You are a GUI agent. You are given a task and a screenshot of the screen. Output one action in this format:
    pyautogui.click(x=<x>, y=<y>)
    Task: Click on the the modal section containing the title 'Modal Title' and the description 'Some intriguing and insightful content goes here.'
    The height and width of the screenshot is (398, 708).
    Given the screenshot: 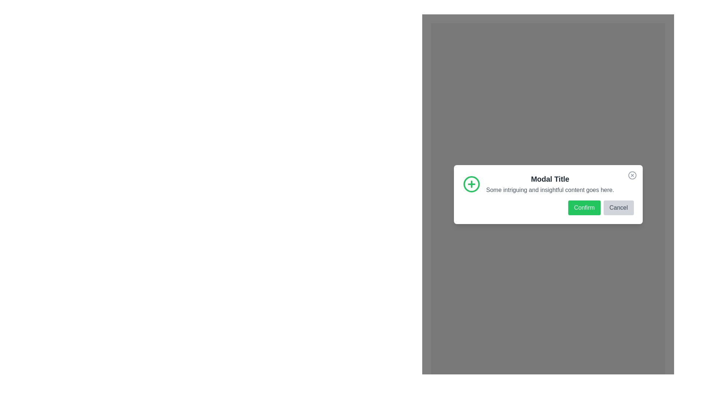 What is the action you would take?
    pyautogui.click(x=548, y=184)
    